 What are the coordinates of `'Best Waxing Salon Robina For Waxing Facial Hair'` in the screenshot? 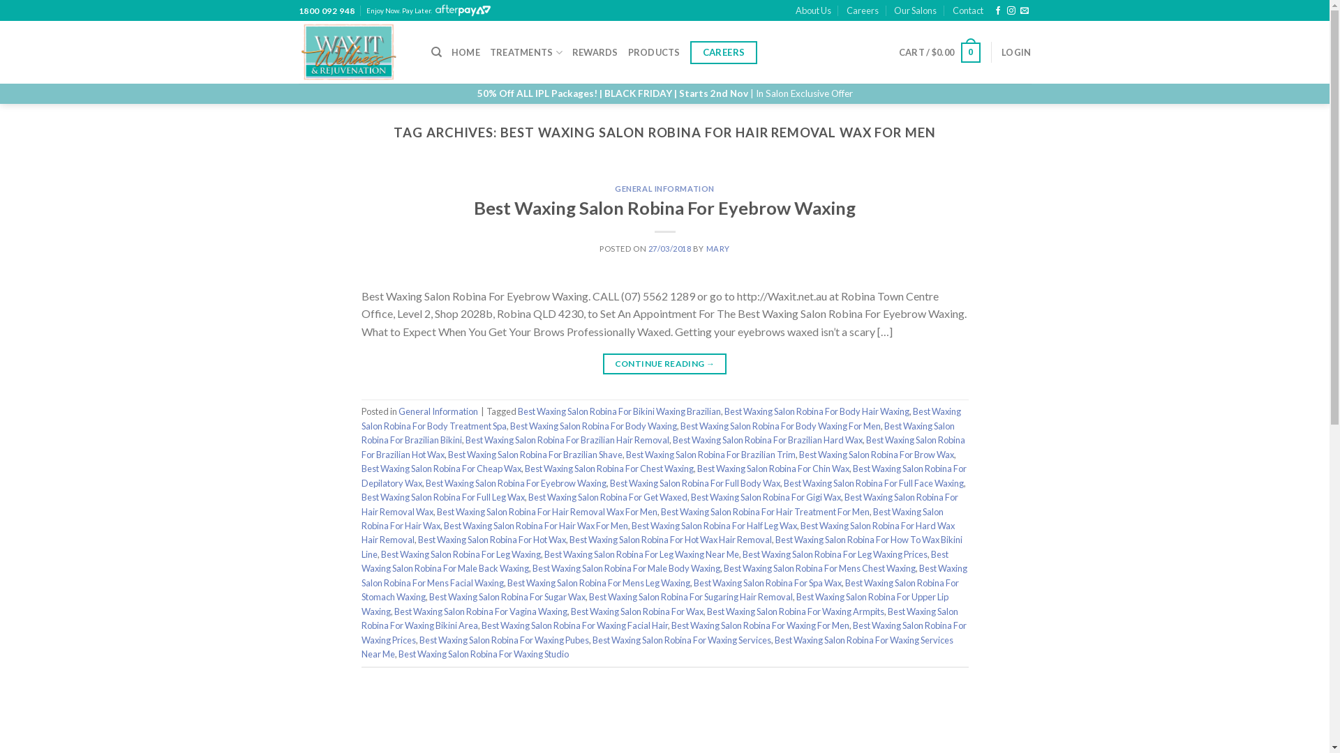 It's located at (482, 625).